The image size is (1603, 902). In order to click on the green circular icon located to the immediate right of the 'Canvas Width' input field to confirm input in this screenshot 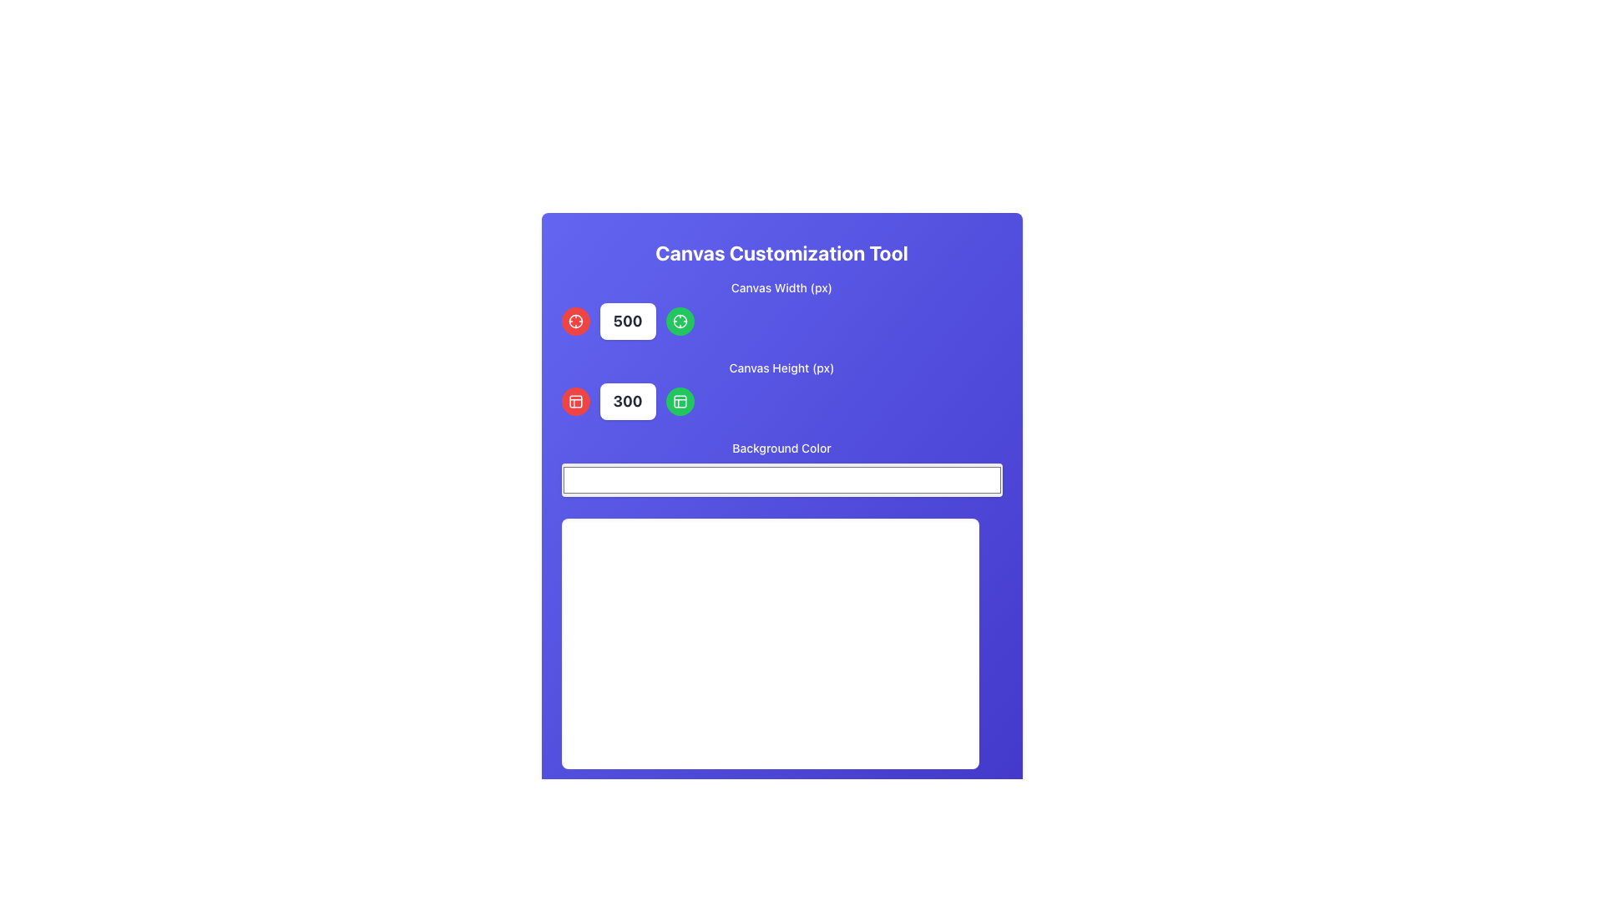, I will do `click(680, 322)`.